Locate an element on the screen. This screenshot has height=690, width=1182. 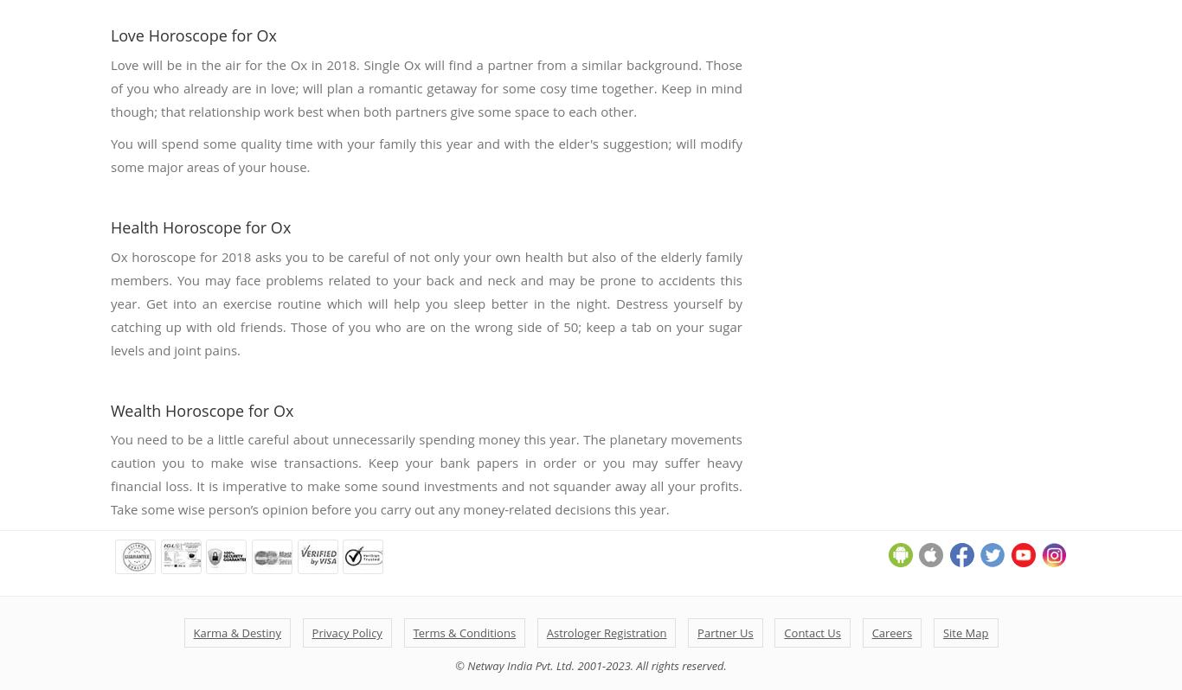
'Astrologer Registration' is located at coordinates (606, 633).